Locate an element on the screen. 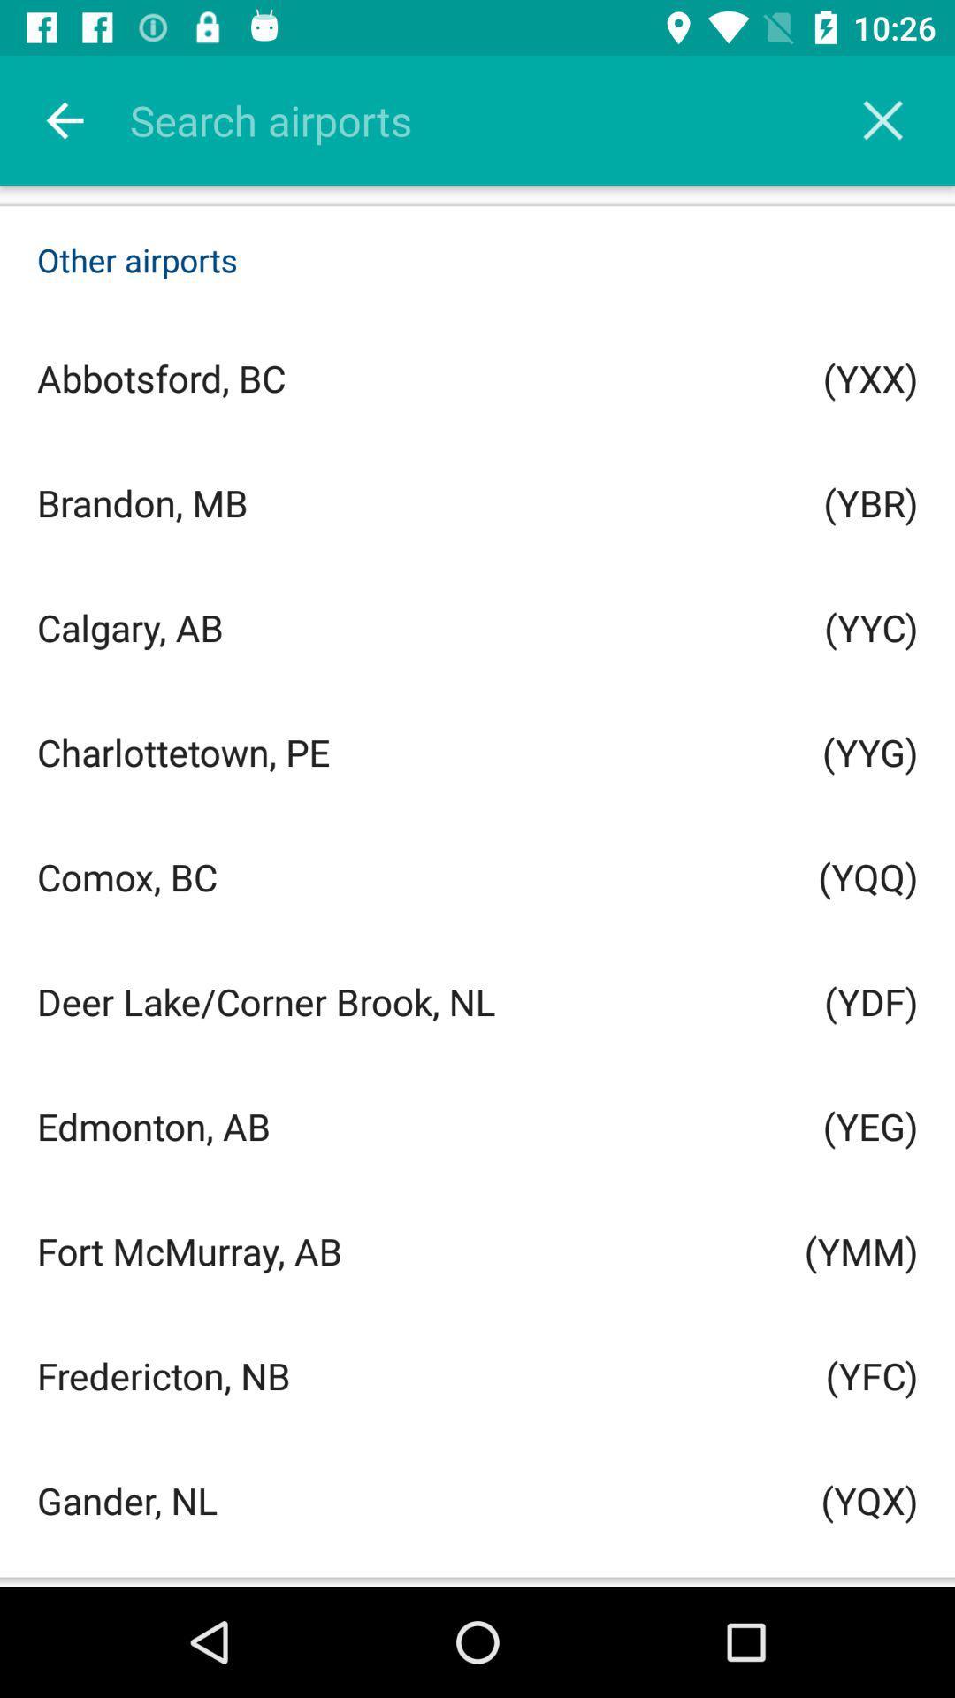 The image size is (955, 1698). the item above the other airports is located at coordinates (64, 119).